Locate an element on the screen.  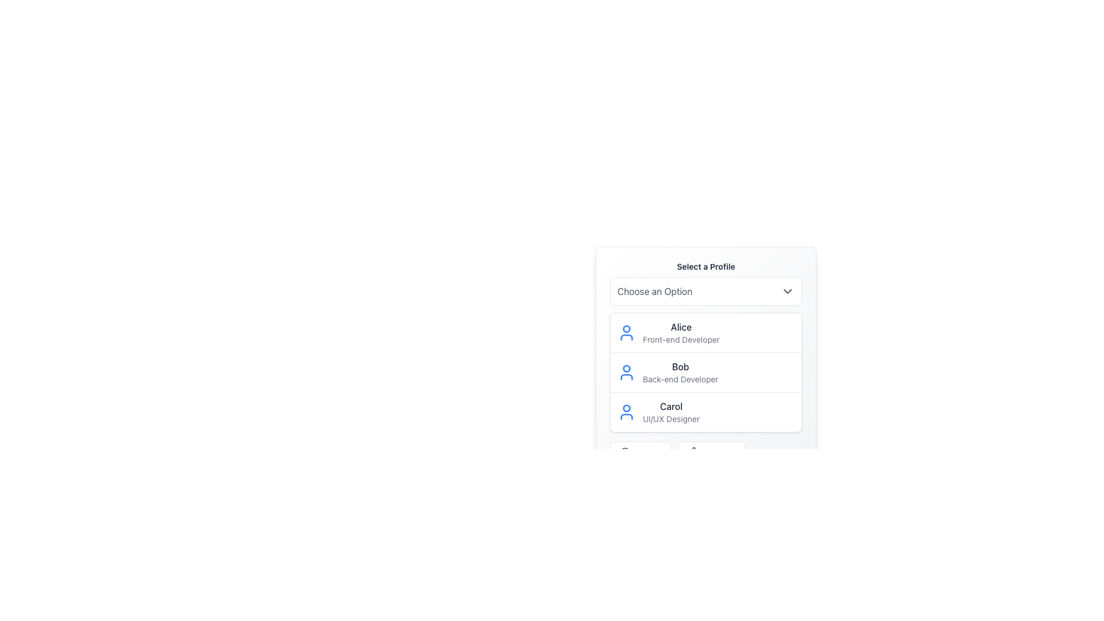
the search icon located within the 'Search' button at the bottom of the dropdown menu is located at coordinates (625, 451).